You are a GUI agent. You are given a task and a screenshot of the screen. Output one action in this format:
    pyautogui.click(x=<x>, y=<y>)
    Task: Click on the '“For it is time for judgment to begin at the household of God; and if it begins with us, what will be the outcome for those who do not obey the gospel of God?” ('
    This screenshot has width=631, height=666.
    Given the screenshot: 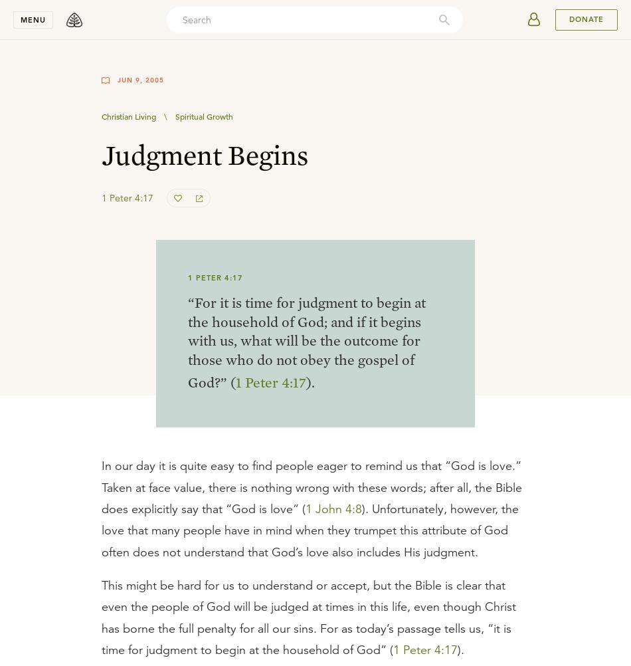 What is the action you would take?
    pyautogui.click(x=306, y=342)
    